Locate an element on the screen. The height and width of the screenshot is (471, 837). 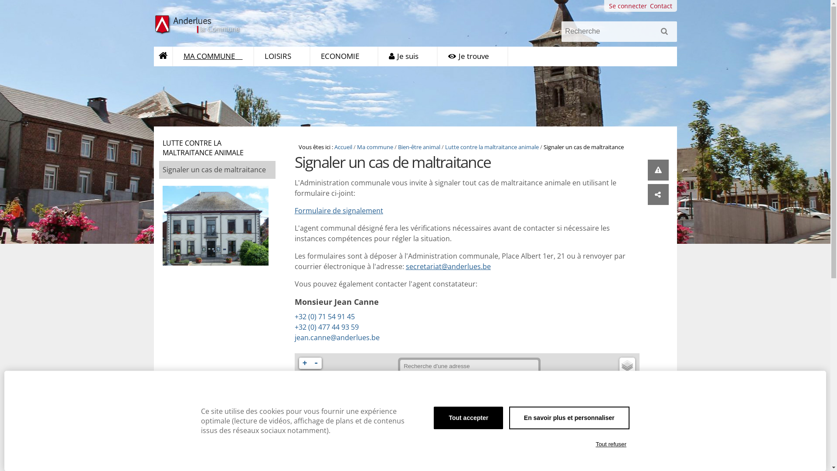
'Contact' is located at coordinates (661, 6).